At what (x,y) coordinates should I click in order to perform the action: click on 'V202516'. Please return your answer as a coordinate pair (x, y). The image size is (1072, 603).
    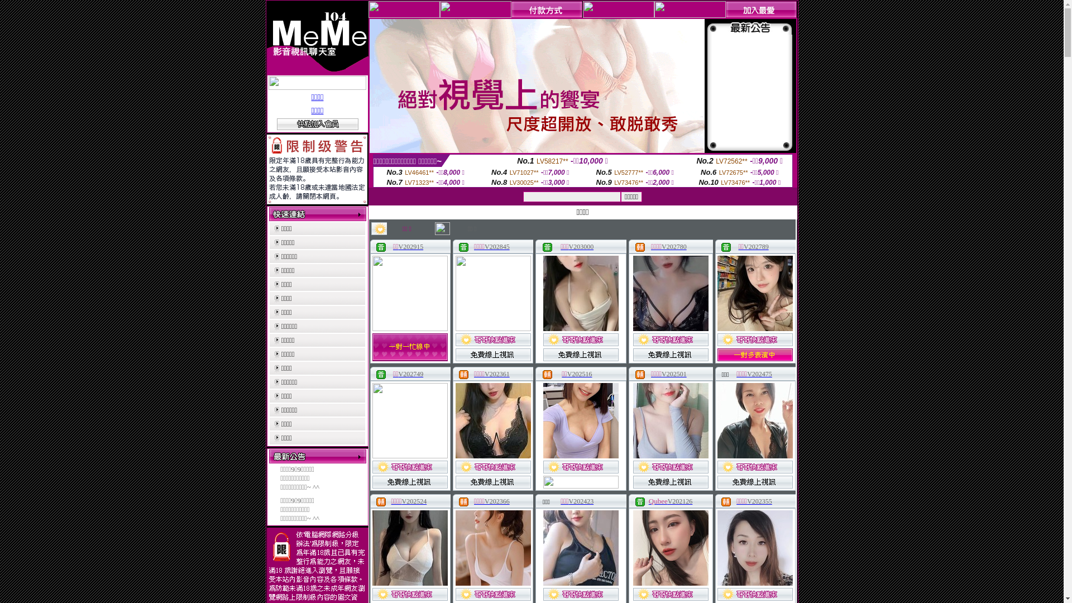
    Looking at the image, I should click on (580, 374).